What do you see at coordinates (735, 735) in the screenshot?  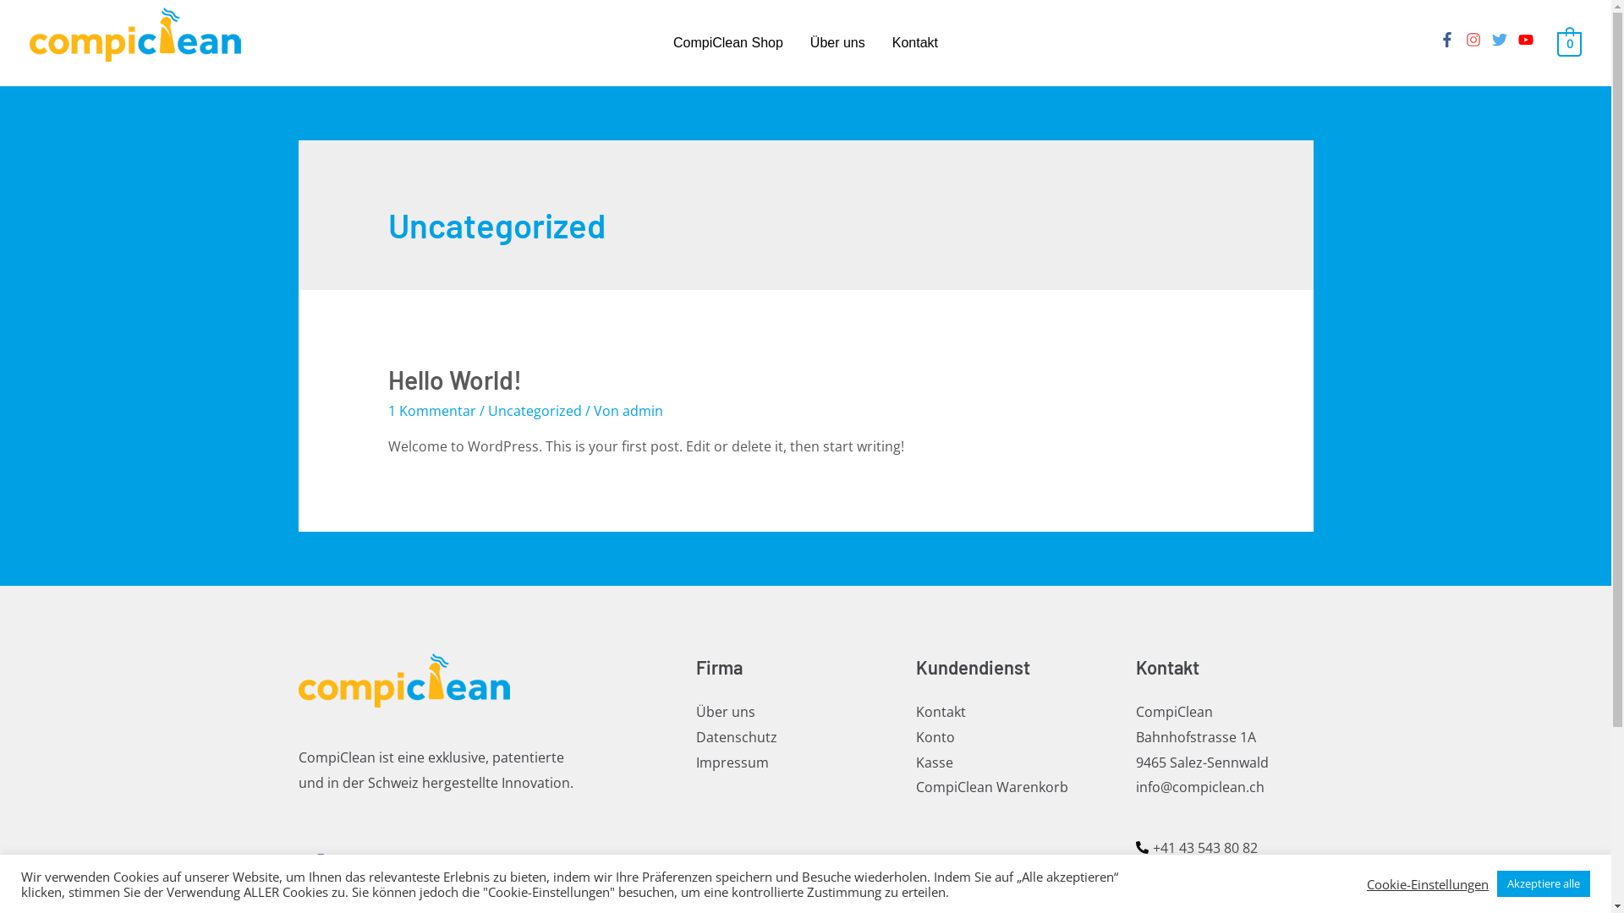 I see `'Datenschutz'` at bounding box center [735, 735].